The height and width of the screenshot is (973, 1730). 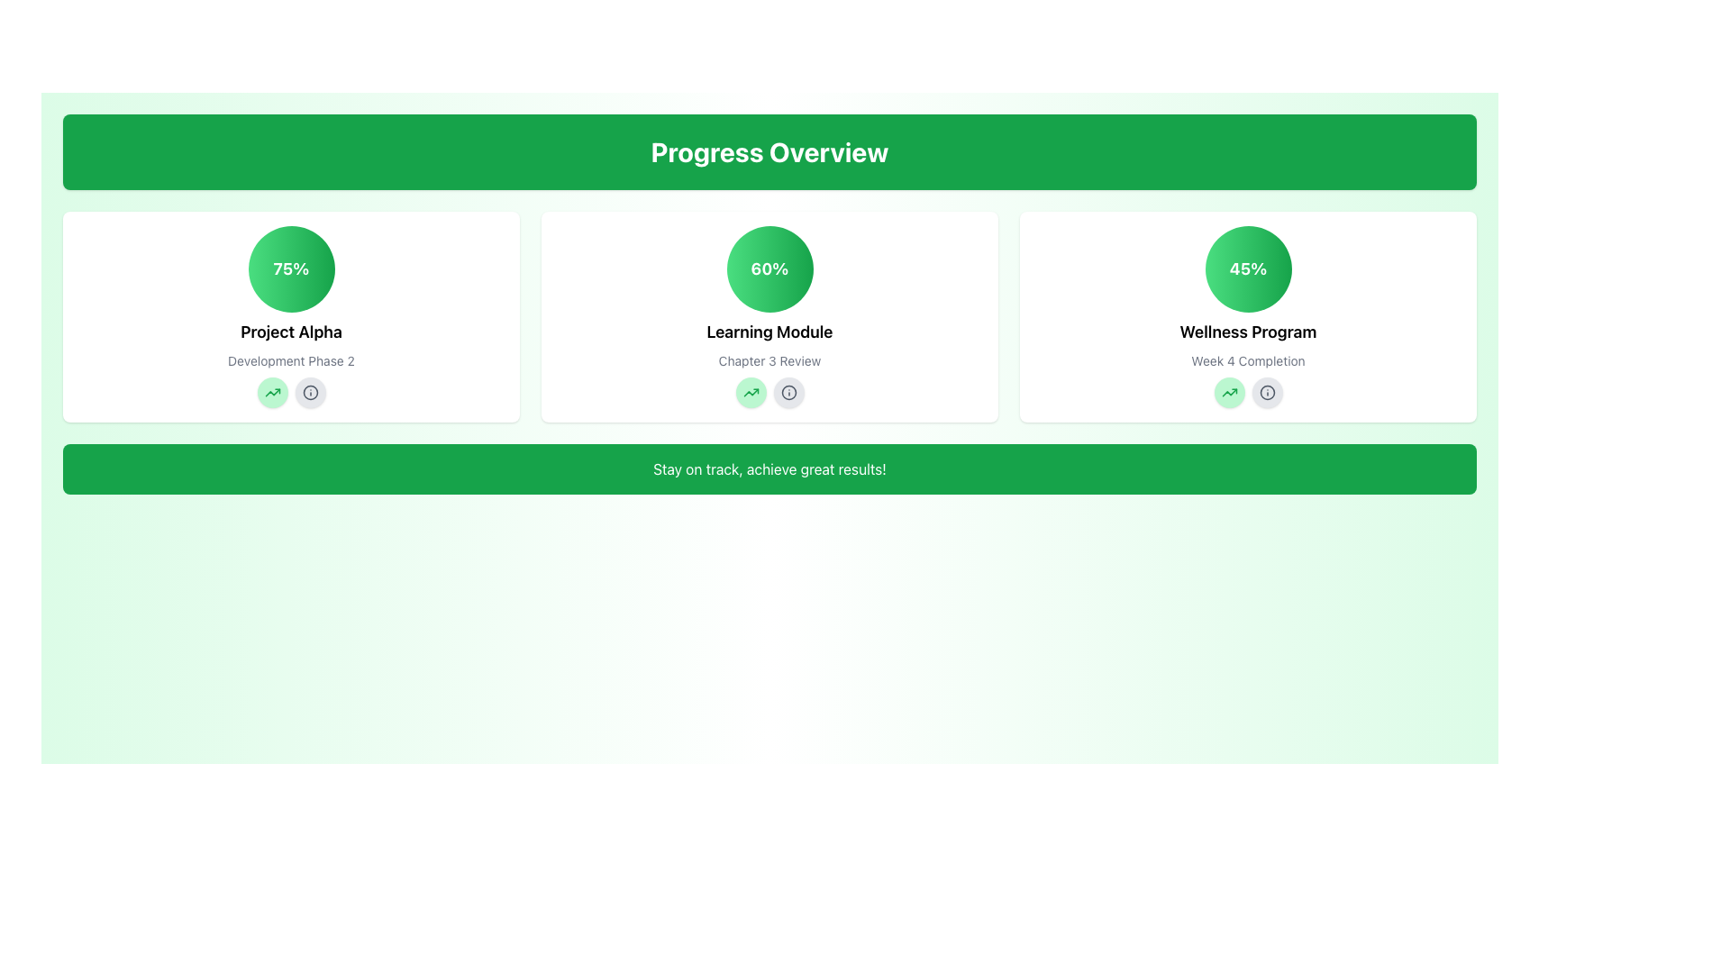 What do you see at coordinates (751, 391) in the screenshot?
I see `the circular button with a green upward trending arrow icon located below the 'Learning Module' card in the 'Progress Overview' section` at bounding box center [751, 391].